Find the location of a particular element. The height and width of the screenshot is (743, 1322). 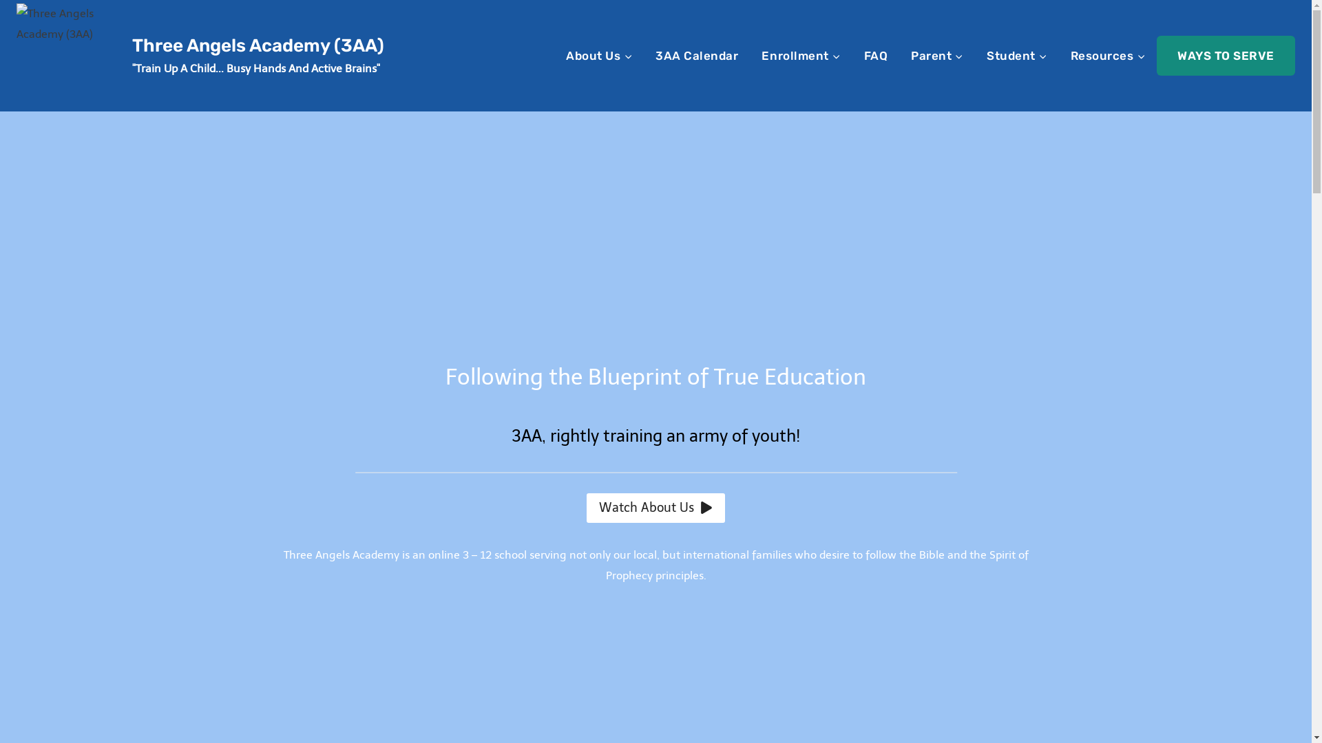

'Student' is located at coordinates (974, 54).